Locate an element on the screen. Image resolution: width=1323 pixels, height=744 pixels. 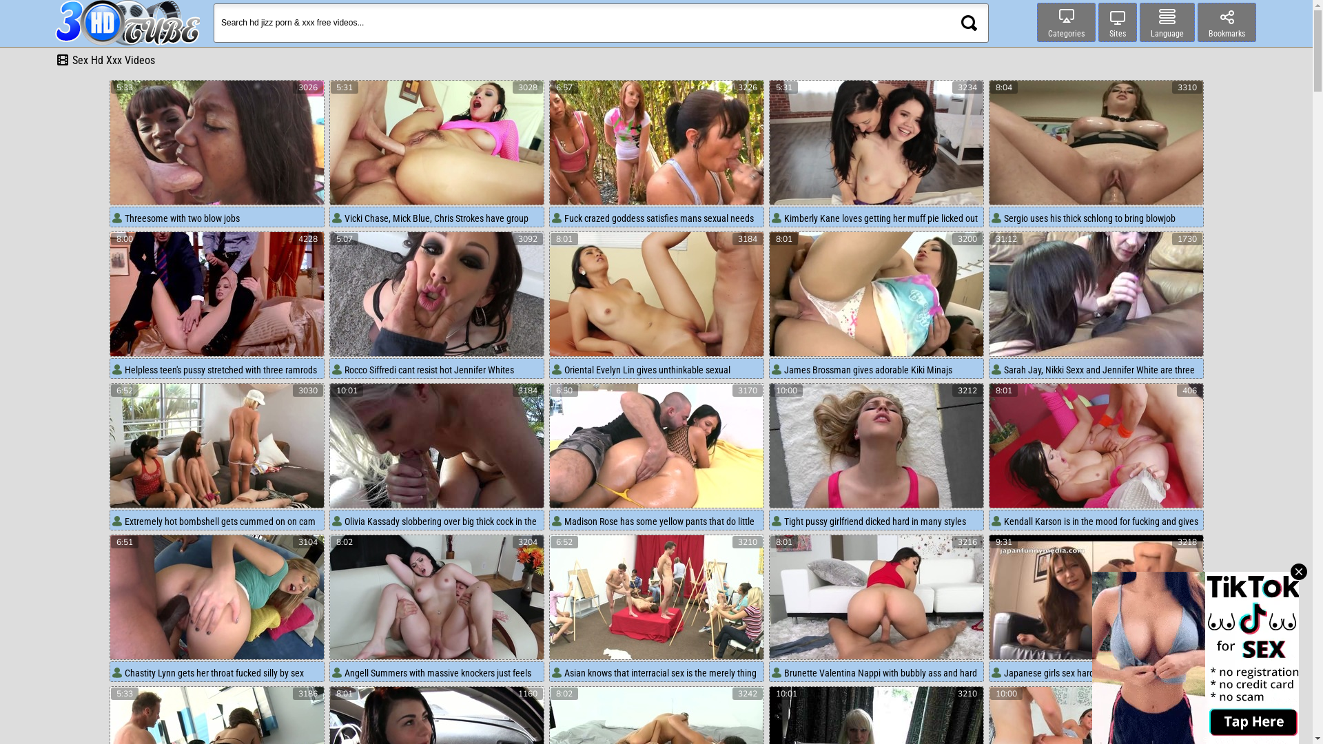
'Categories' is located at coordinates (1065, 22).